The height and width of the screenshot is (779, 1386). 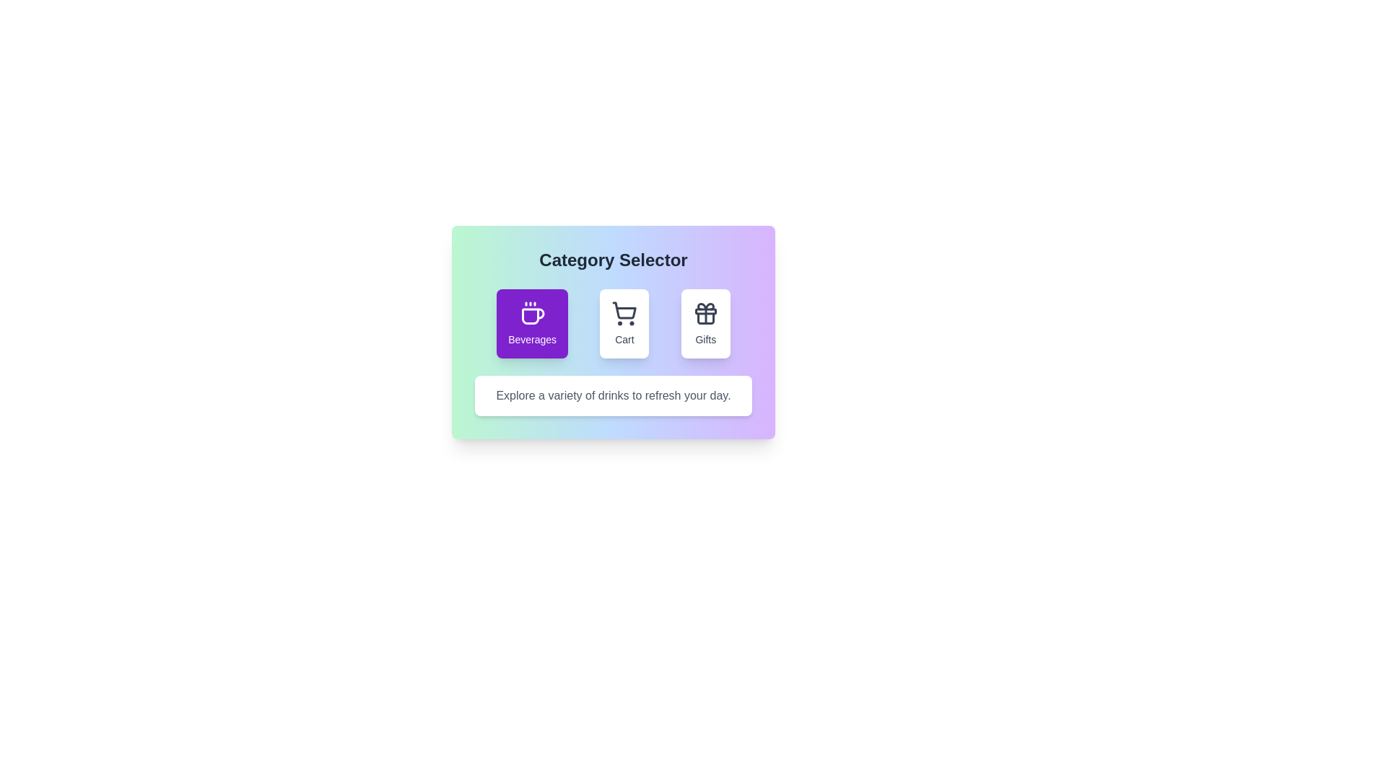 I want to click on the Cart button to observe hover effects, so click(x=624, y=322).